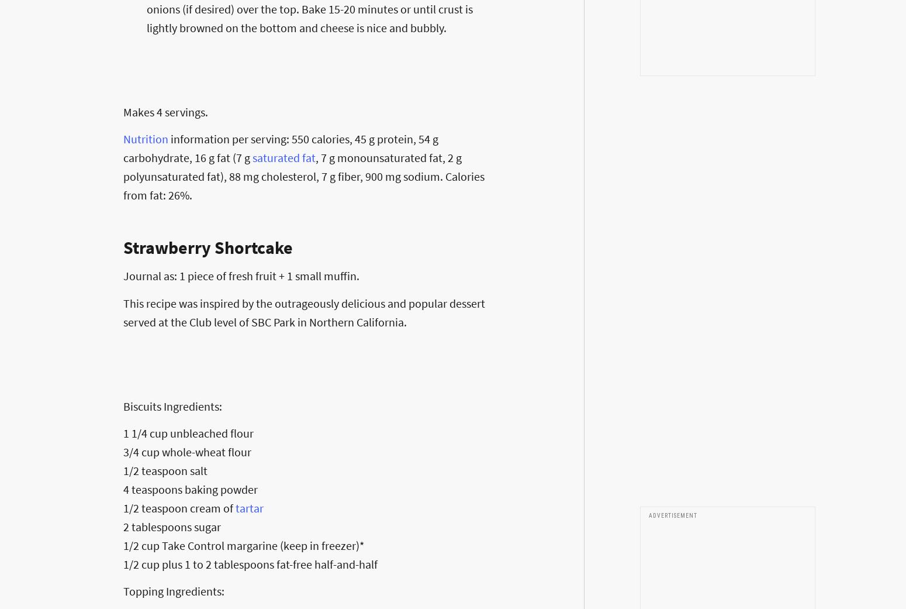 This screenshot has width=906, height=609. What do you see at coordinates (122, 138) in the screenshot?
I see `'Nutrition'` at bounding box center [122, 138].